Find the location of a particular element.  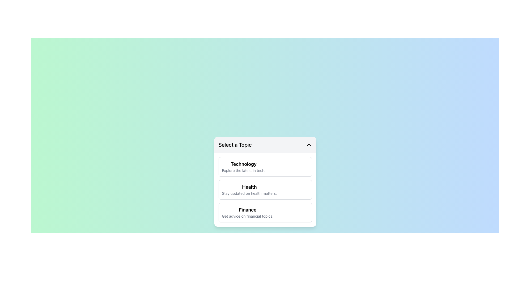

the static informational label that reads 'Stay updated on health matters.' which is located directly underneath the 'Health' header in a selectable topic card is located at coordinates (249, 193).